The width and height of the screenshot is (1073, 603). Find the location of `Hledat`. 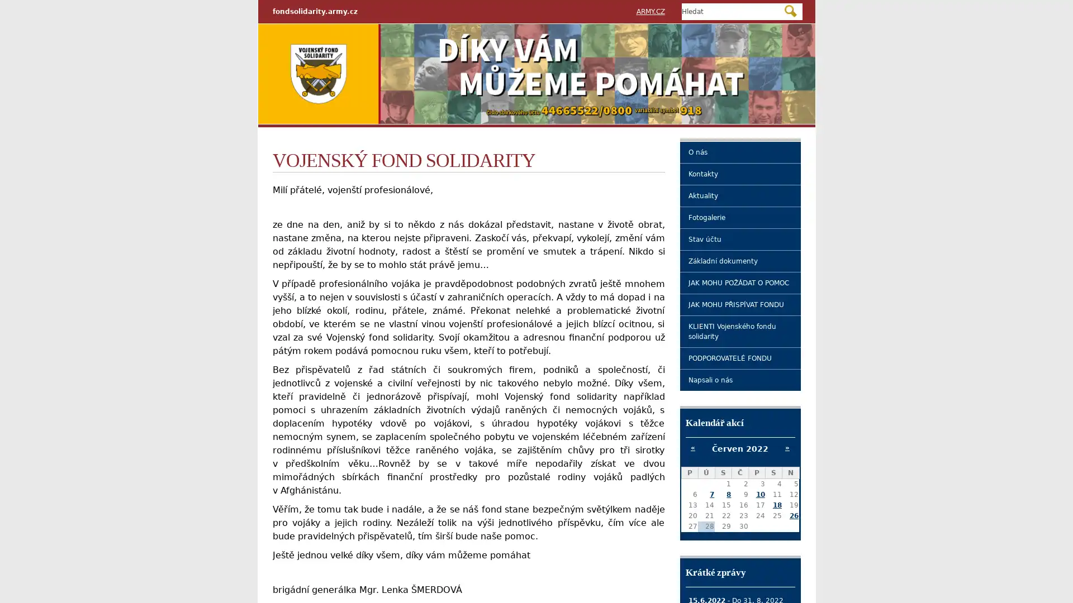

Hledat is located at coordinates (790, 11).